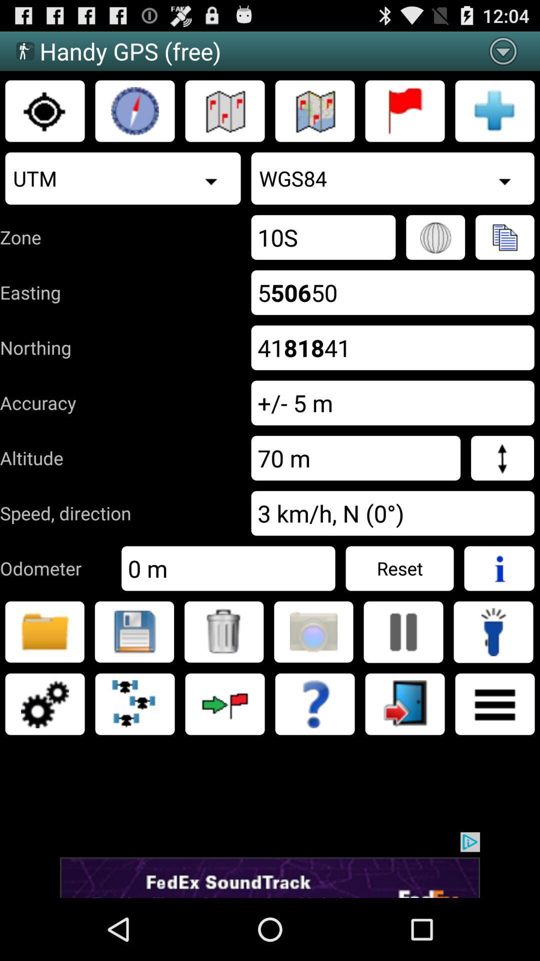  I want to click on map, so click(314, 111).